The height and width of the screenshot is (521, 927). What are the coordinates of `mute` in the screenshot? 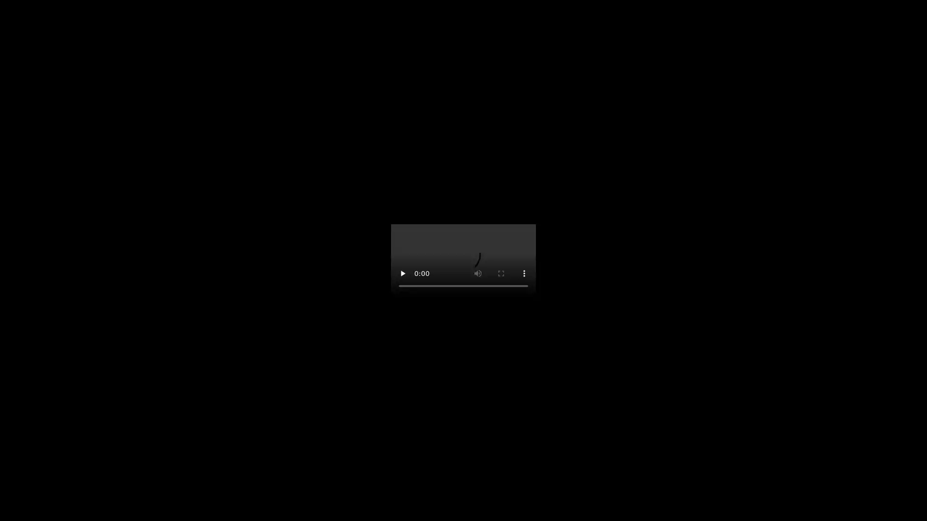 It's located at (478, 274).